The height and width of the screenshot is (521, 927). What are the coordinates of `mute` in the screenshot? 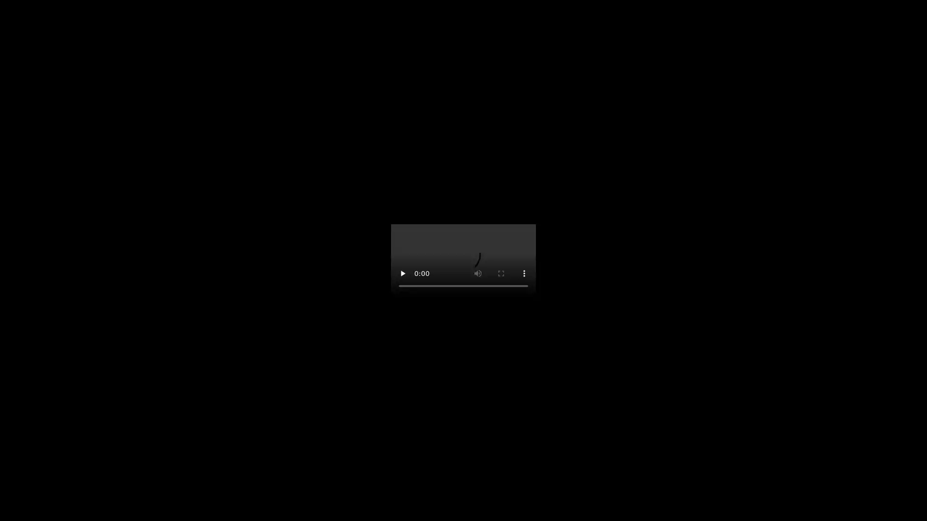 It's located at (478, 274).